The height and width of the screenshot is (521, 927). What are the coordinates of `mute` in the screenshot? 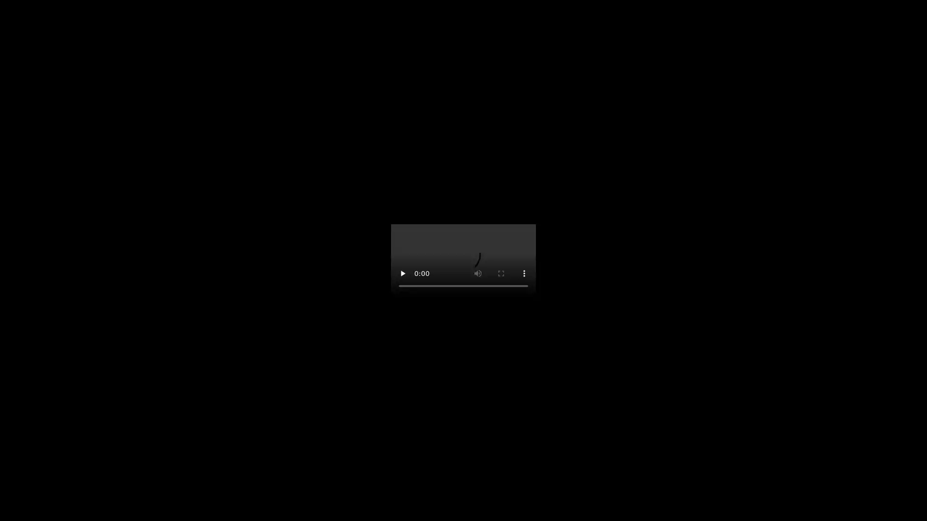 It's located at (478, 274).